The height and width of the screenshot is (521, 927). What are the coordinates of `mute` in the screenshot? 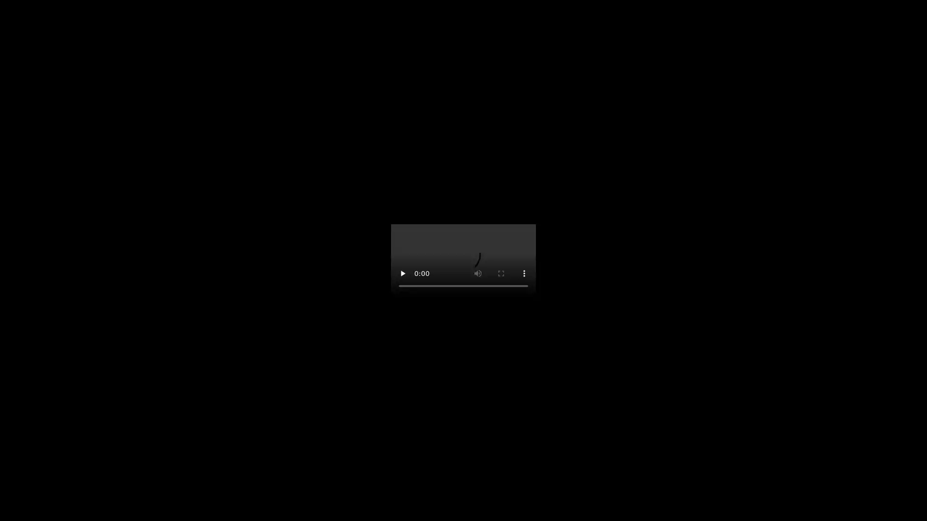 It's located at (478, 274).